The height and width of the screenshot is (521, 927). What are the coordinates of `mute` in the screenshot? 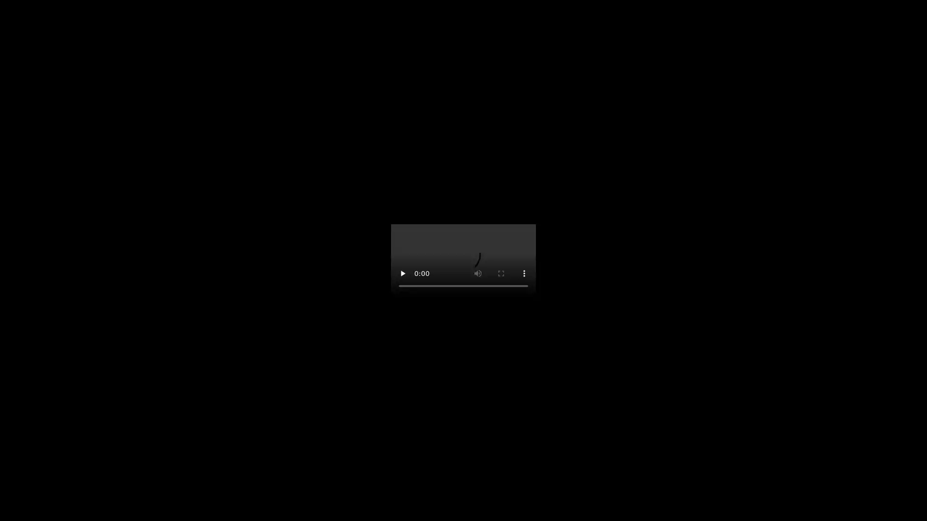 It's located at (478, 274).